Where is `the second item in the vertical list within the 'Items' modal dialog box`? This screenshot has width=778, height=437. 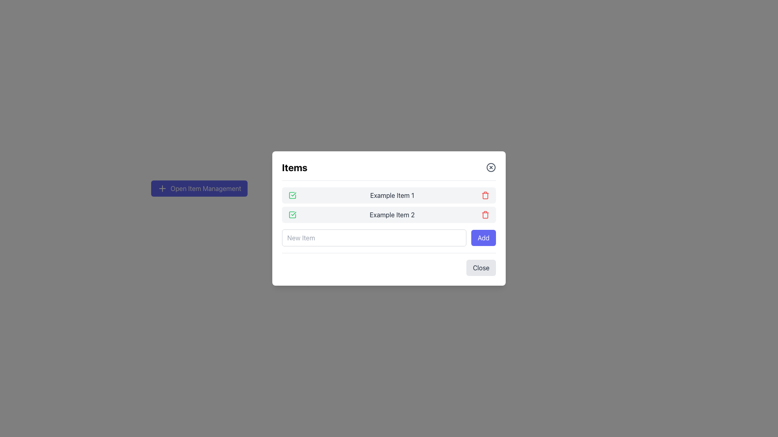
the second item in the vertical list within the 'Items' modal dialog box is located at coordinates (389, 214).